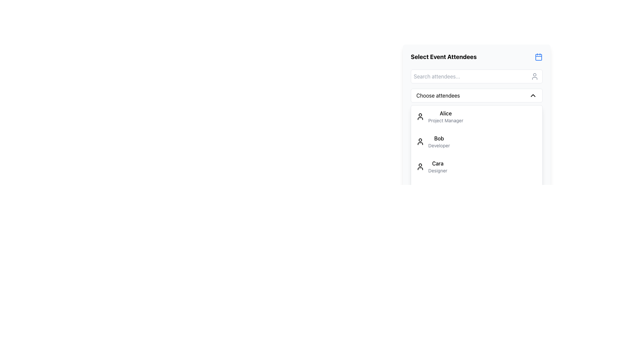 This screenshot has height=356, width=633. What do you see at coordinates (420, 116) in the screenshot?
I see `the user icon representing 'Alice', the Project Manager, which is positioned to the left of the text in the dropdown menu titled 'Choose attendees'` at bounding box center [420, 116].